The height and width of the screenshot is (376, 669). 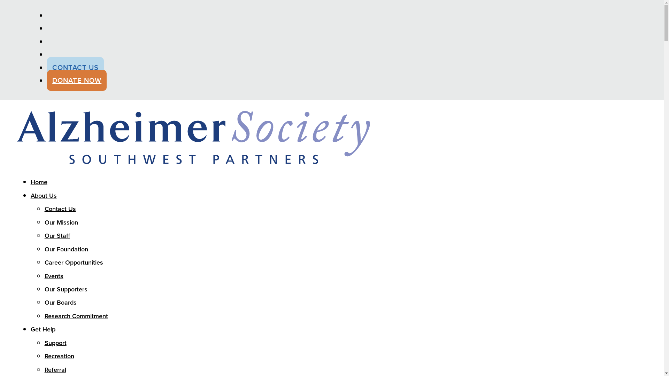 I want to click on 'Recreation', so click(x=59, y=356).